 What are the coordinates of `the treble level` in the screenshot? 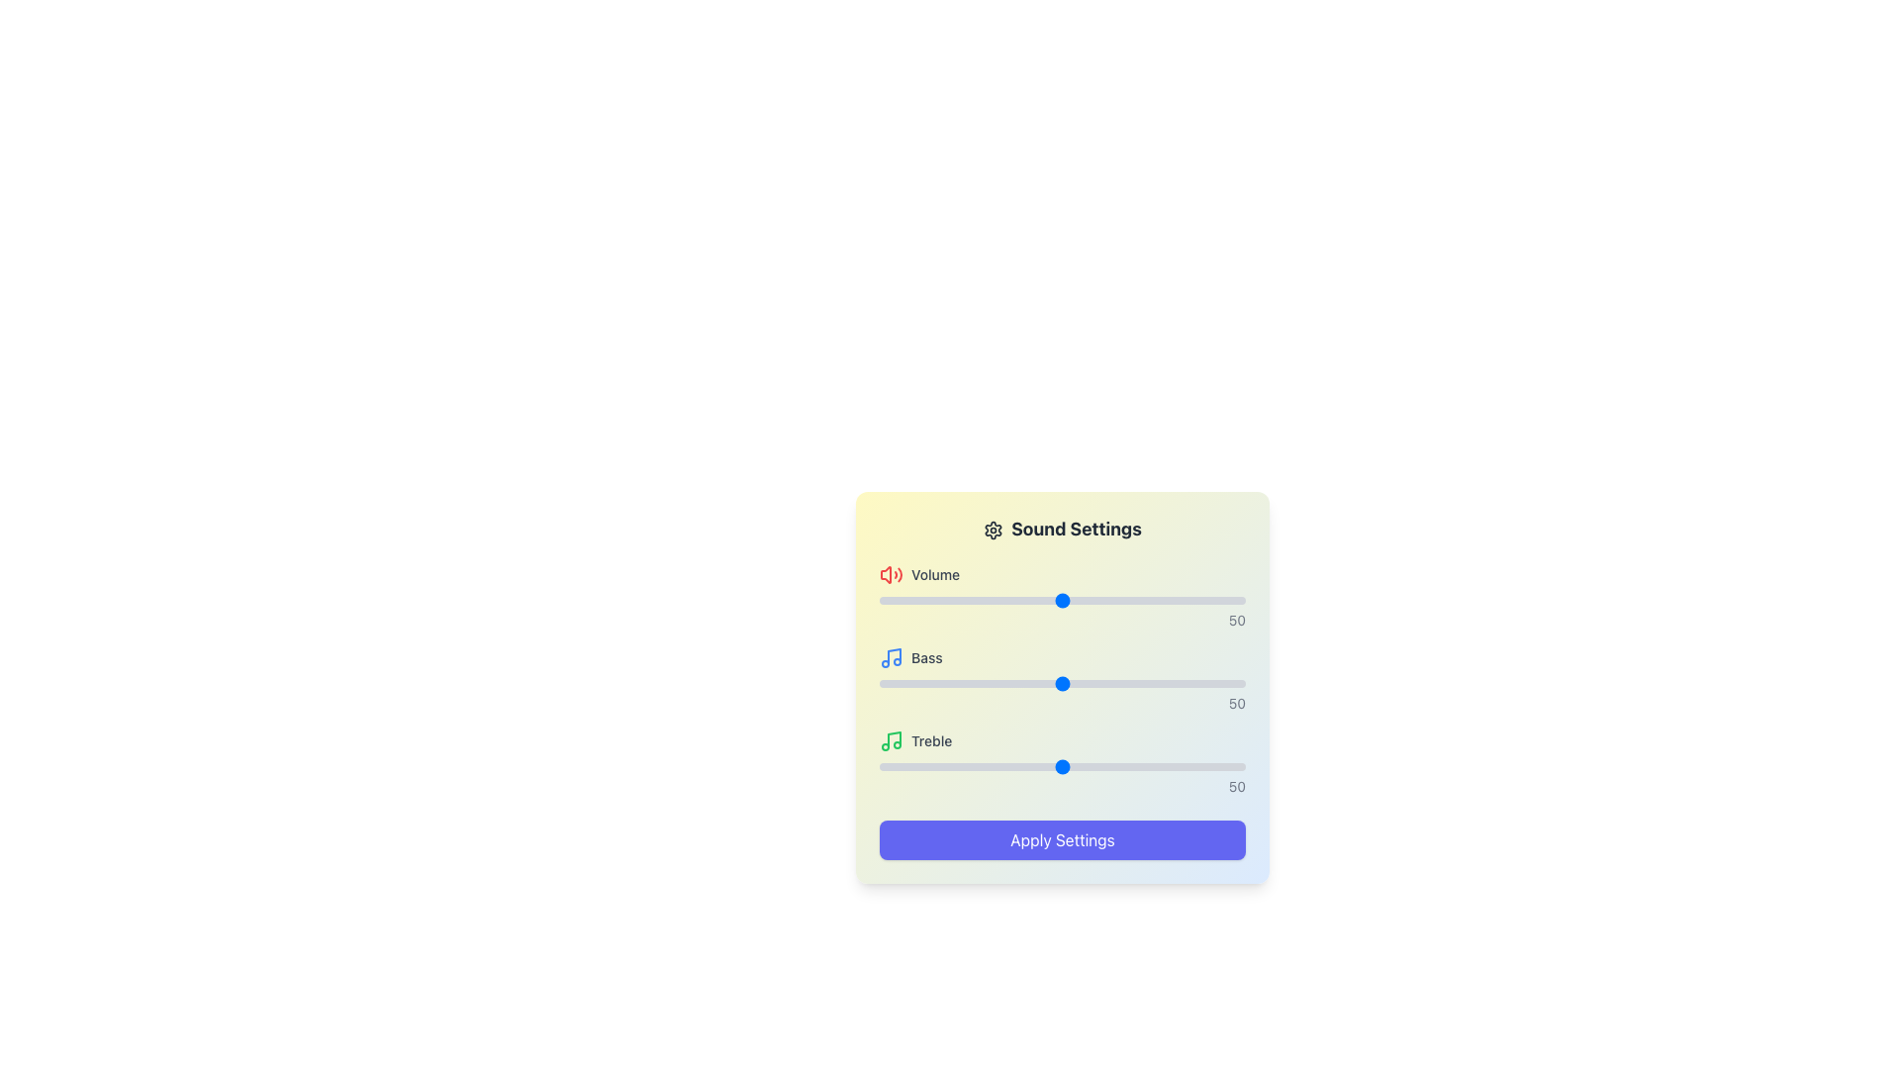 It's located at (878, 766).